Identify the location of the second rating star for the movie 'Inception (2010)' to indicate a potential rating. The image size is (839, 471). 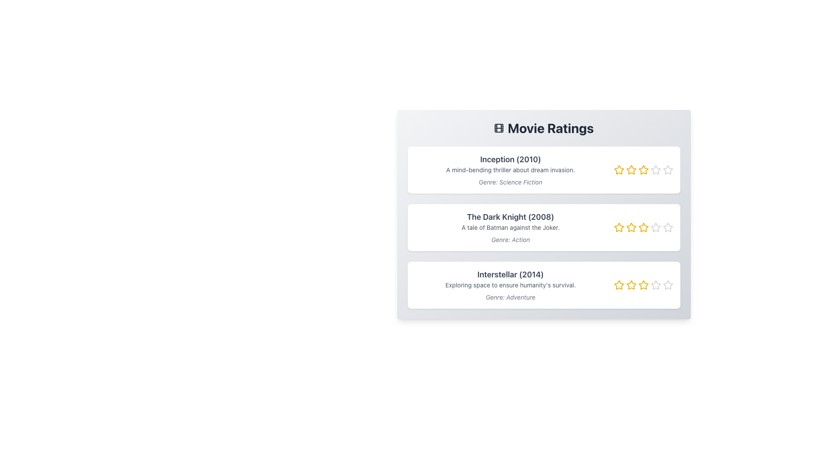
(631, 170).